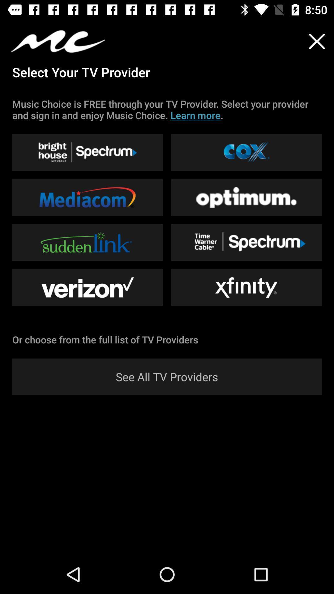  Describe the element at coordinates (167, 110) in the screenshot. I see `music choice is` at that location.